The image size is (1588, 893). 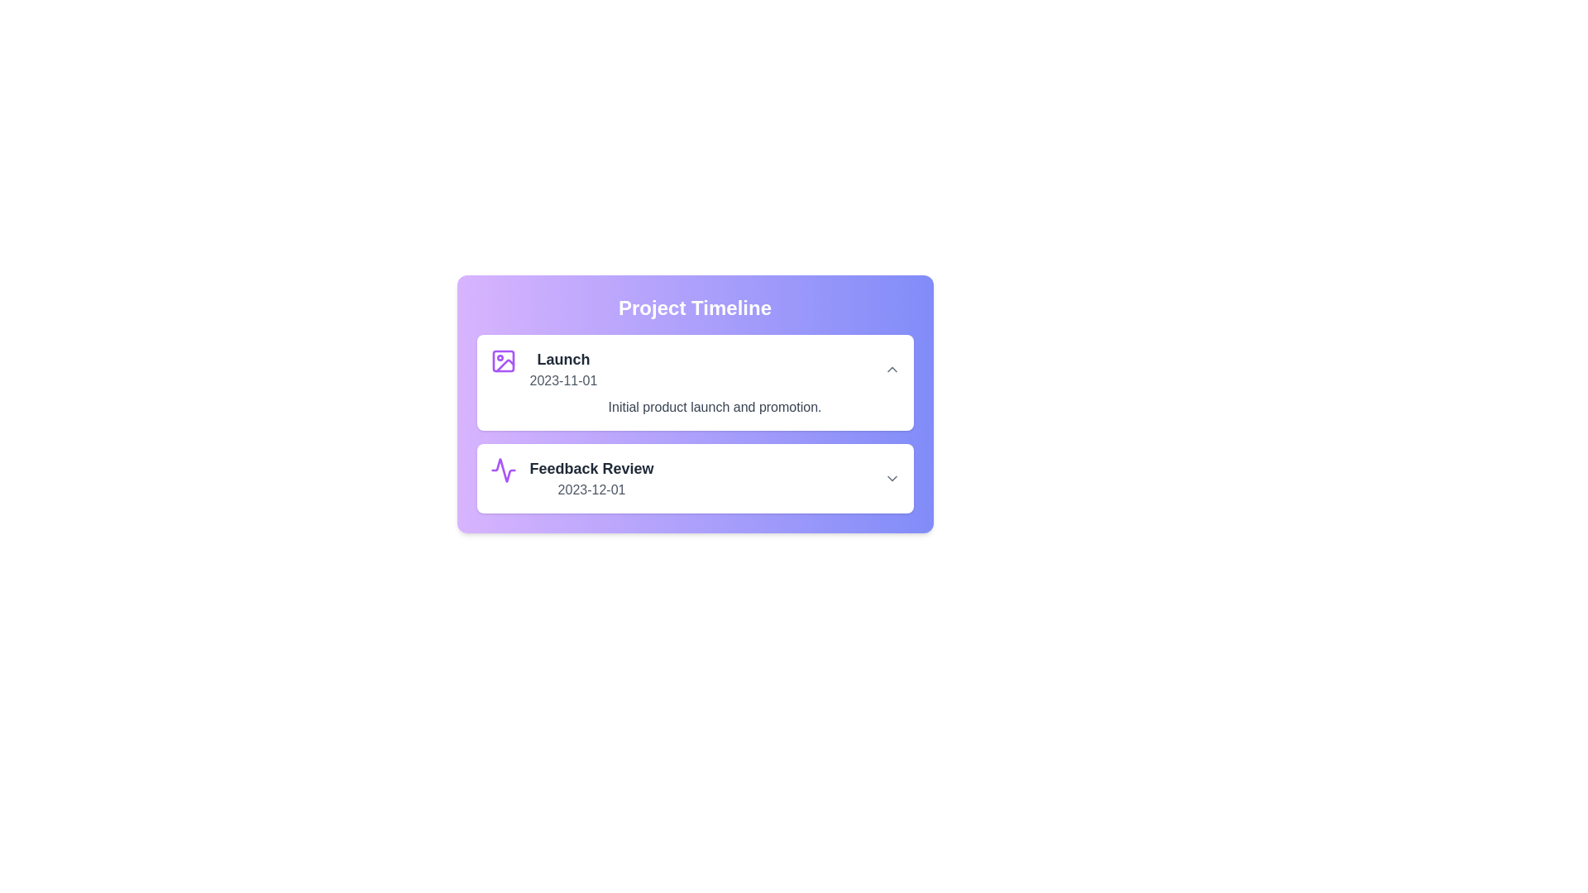 I want to click on the Text Label that displays 'Launch' in bold and '2023-11-01' in a lighter font, located near the top-left of the white rectangular card, so click(x=563, y=369).